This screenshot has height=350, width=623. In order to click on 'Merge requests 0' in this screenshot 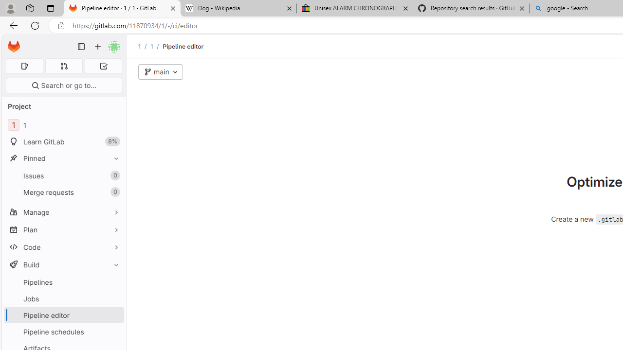, I will do `click(63, 192)`.